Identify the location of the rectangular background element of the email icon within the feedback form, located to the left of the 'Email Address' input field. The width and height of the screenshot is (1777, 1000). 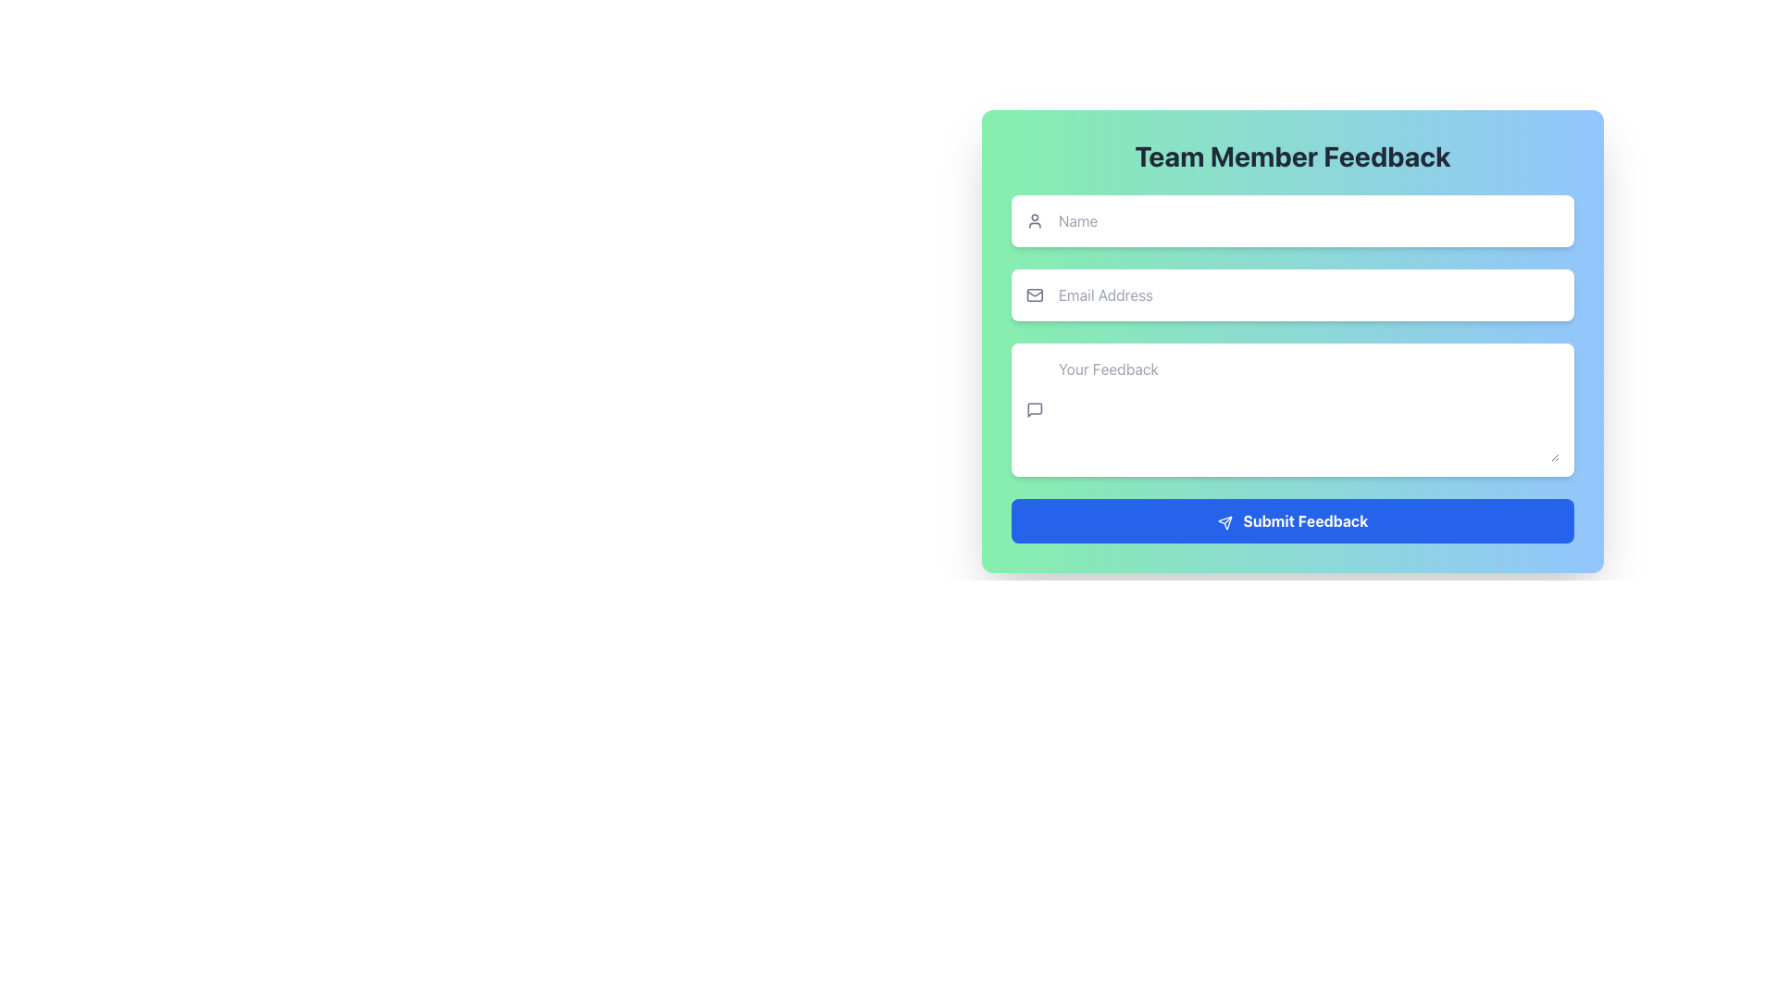
(1034, 294).